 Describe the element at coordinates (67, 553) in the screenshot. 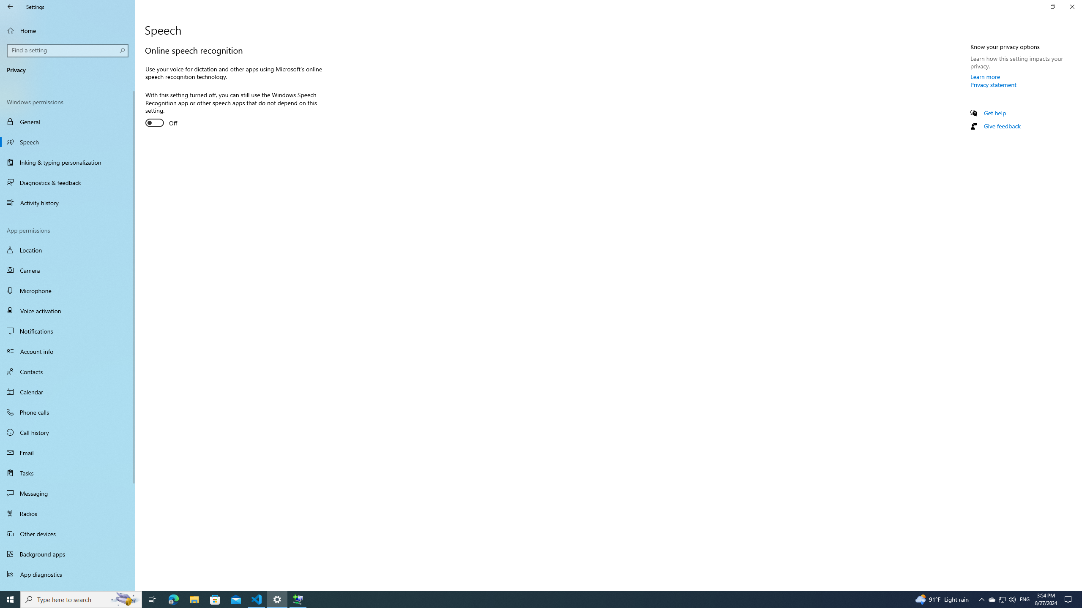

I see `'Background apps'` at that location.